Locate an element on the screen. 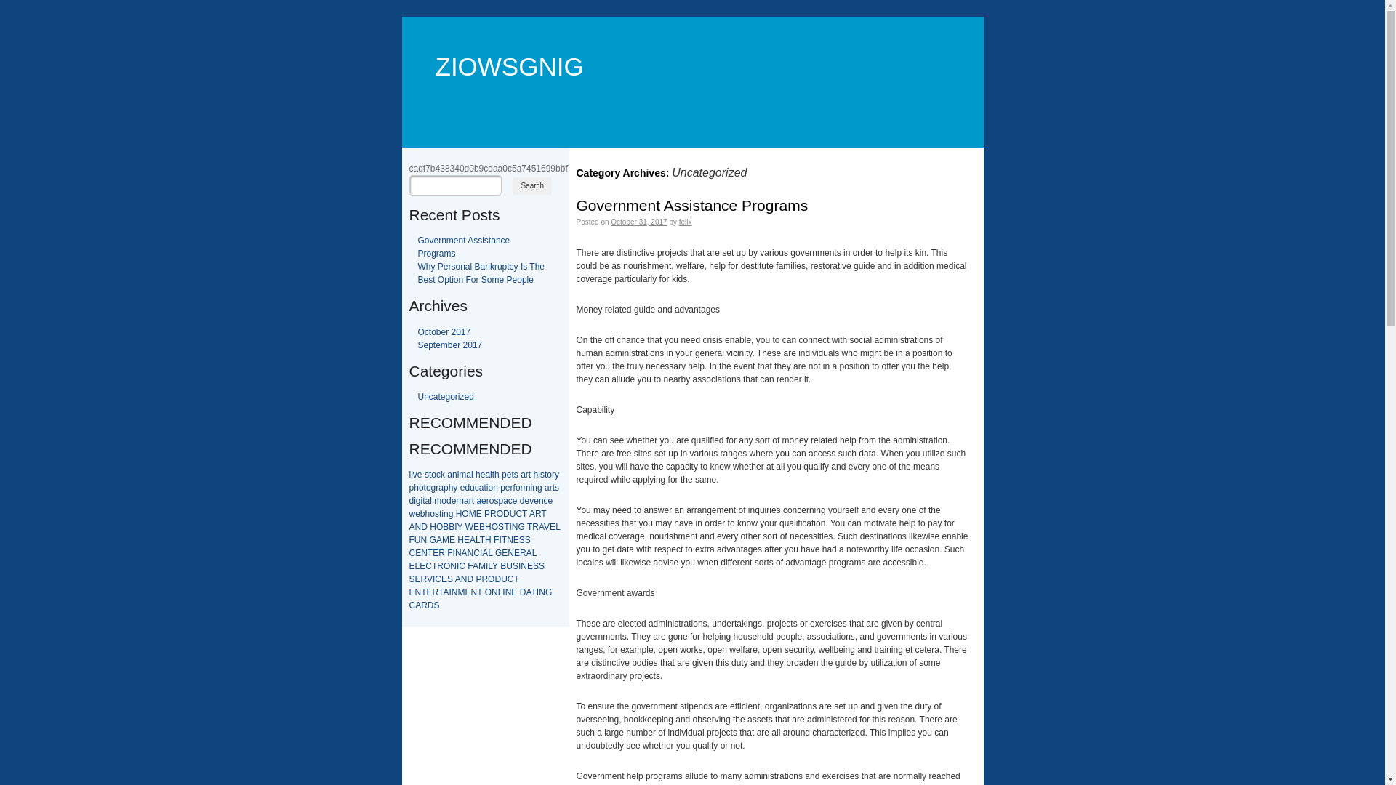  'o' is located at coordinates (433, 474).